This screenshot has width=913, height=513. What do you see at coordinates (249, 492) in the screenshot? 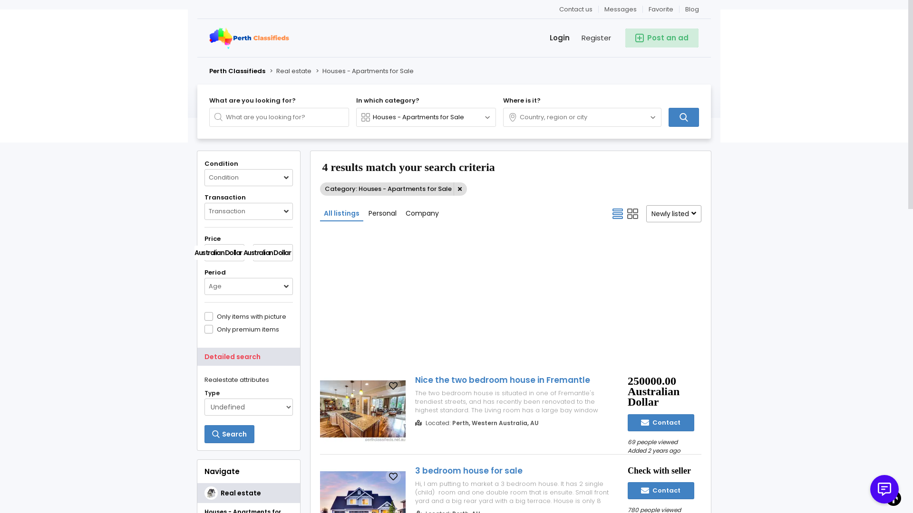
I see `'Real estate'` at bounding box center [249, 492].